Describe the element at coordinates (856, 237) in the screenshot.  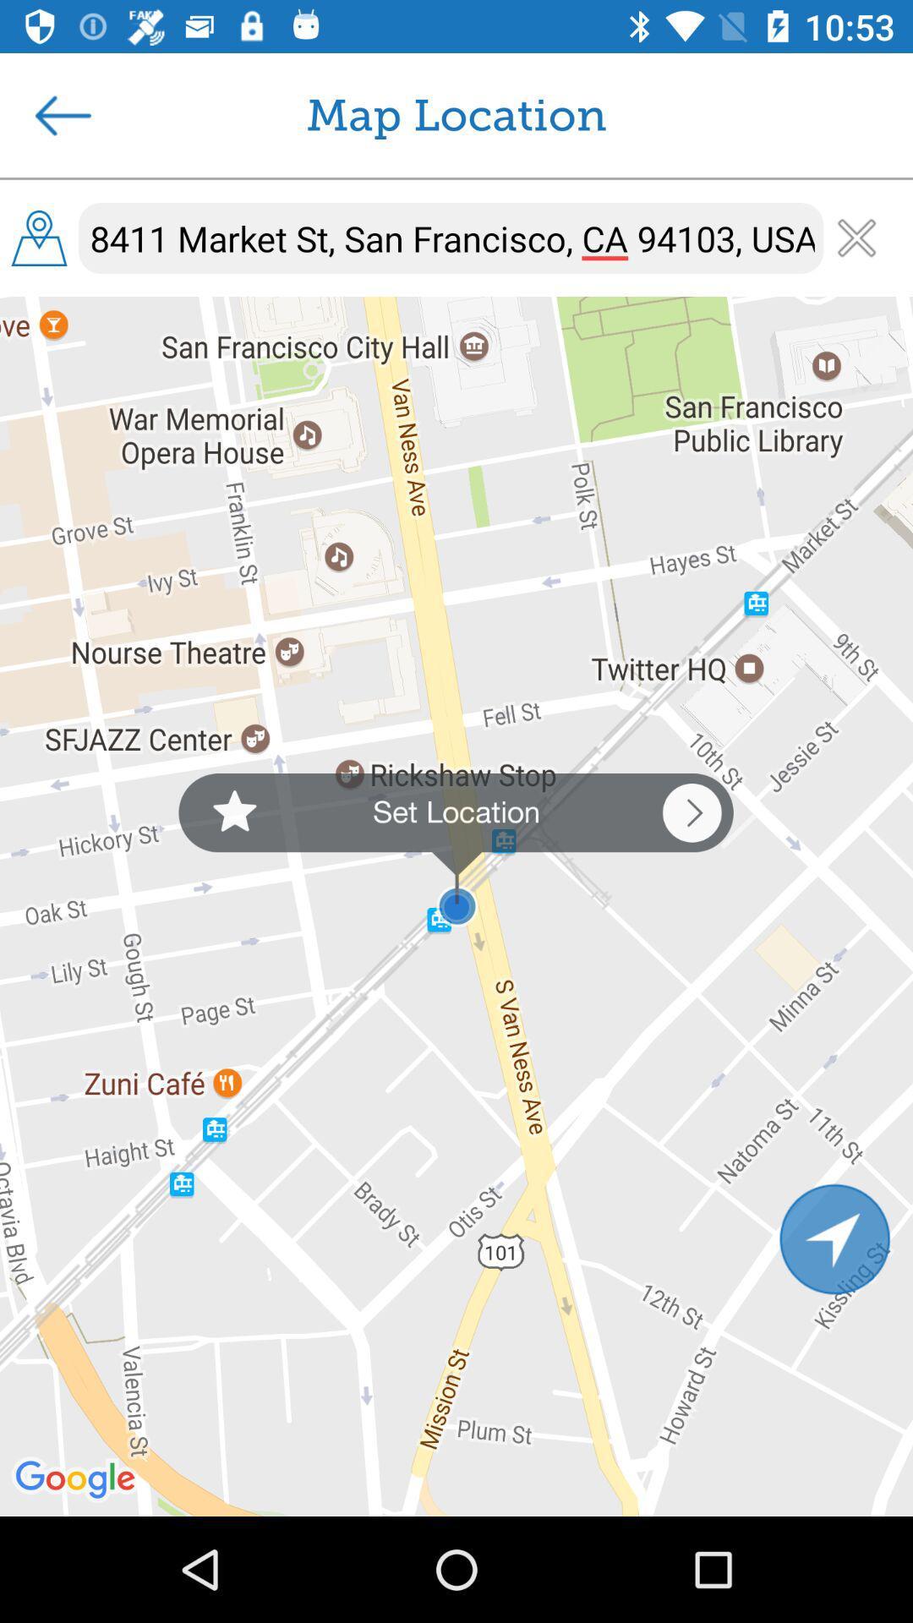
I see `clear the search field` at that location.